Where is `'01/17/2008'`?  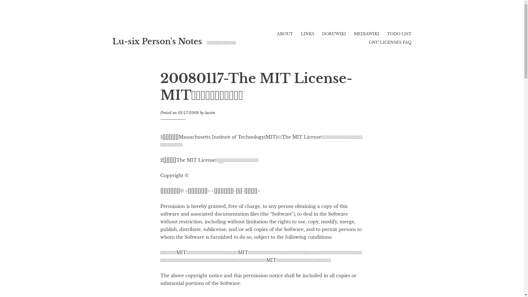
'01/17/2008' is located at coordinates (178, 112).